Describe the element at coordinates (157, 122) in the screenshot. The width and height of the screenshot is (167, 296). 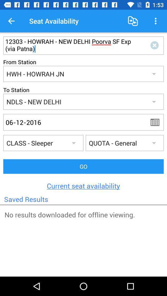
I see `travel date` at that location.